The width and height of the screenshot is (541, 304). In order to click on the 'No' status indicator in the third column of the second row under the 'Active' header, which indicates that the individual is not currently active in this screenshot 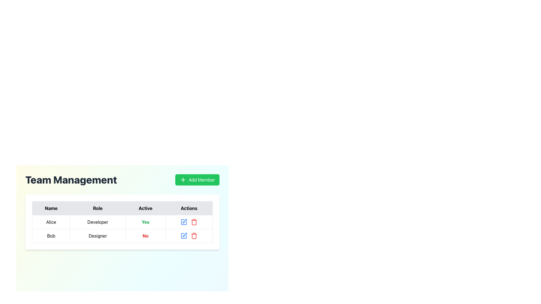, I will do `click(145, 236)`.